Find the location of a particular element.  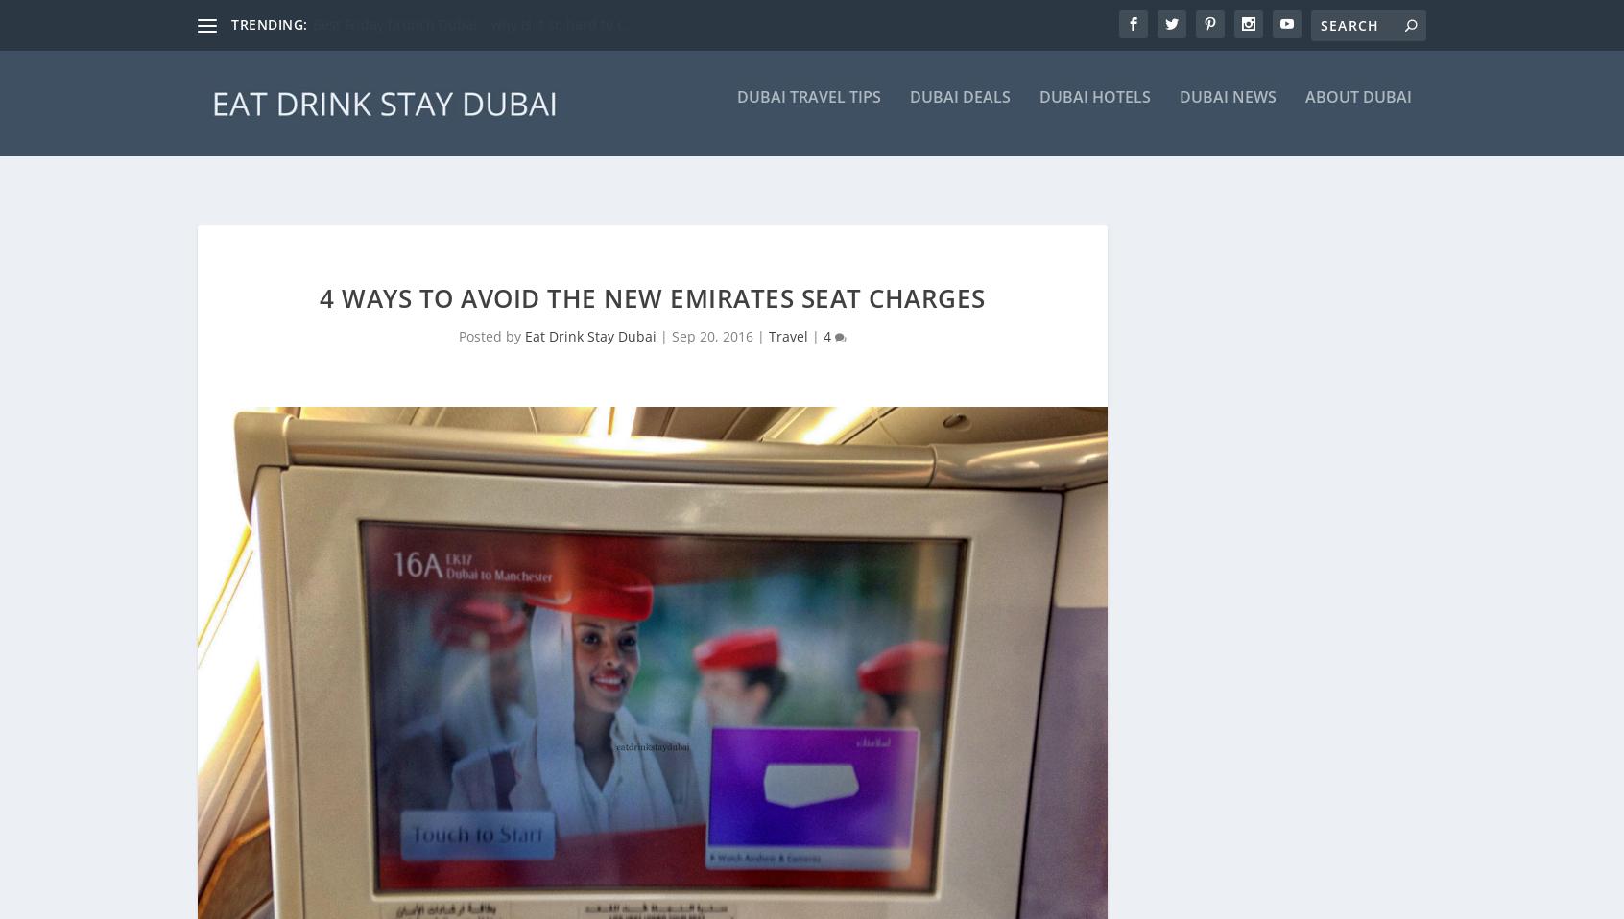

'4' is located at coordinates (827, 304).